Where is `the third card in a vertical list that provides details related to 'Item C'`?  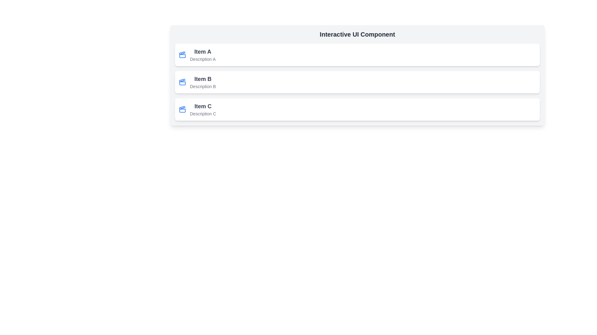 the third card in a vertical list that provides details related to 'Item C' is located at coordinates (357, 109).